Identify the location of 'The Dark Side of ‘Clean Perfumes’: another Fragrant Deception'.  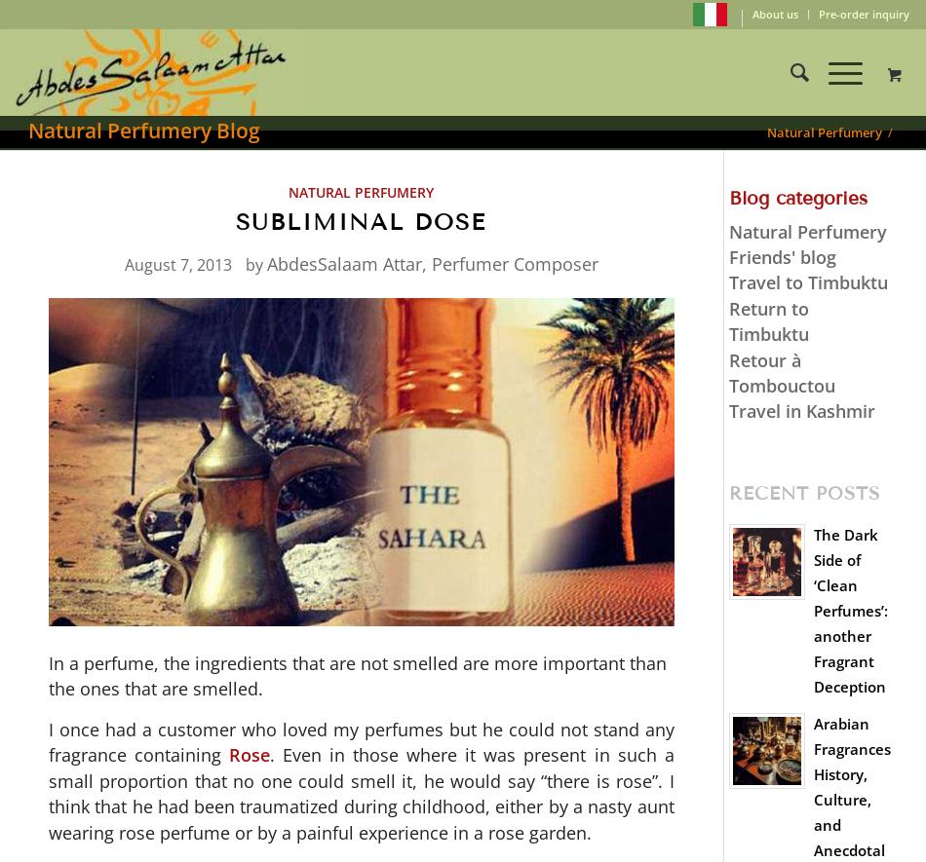
(849, 610).